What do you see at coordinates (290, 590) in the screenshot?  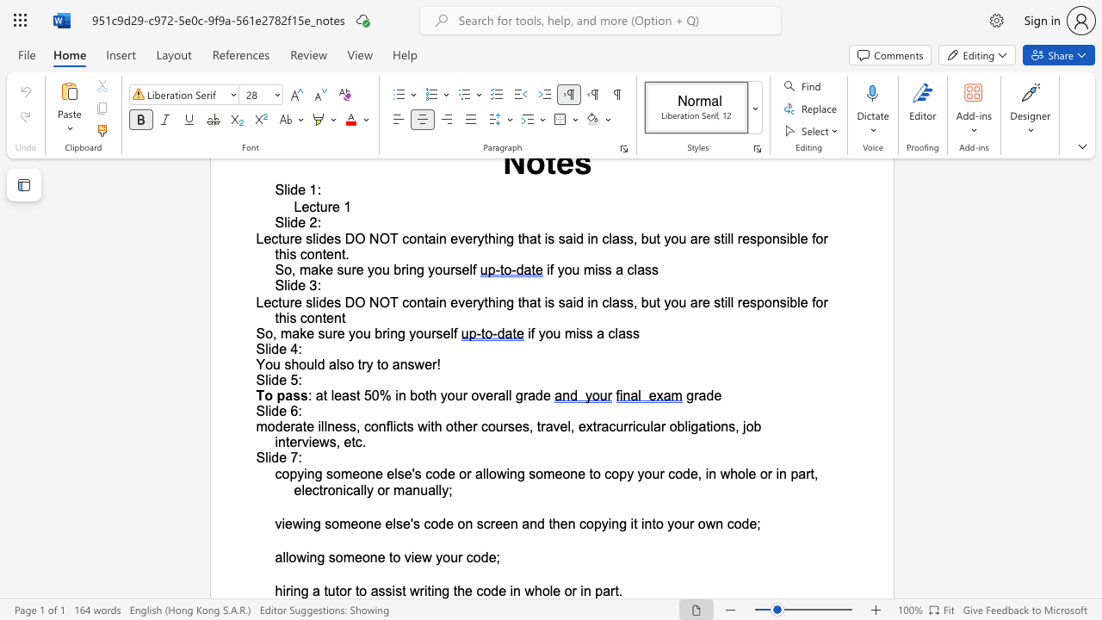 I see `the subset text "ing a tutor to" within the text "hiring a tutor to"` at bounding box center [290, 590].